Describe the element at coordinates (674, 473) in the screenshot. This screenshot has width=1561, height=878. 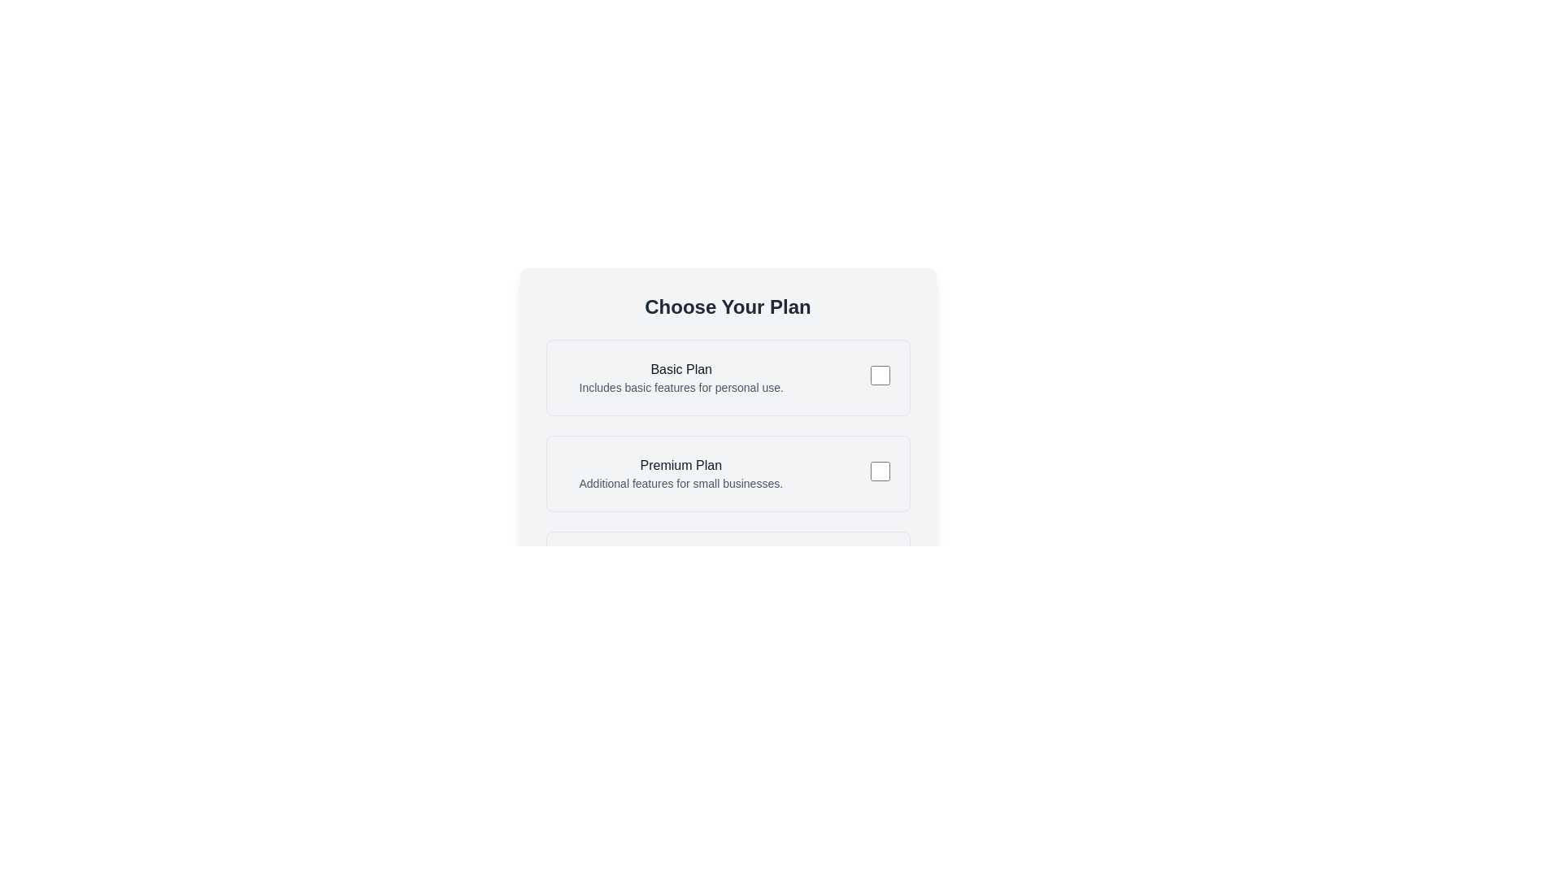
I see `the second selectable option under the 'Choose Your Plan' heading, which is visually represented as the 'Basic Plan' option` at that location.